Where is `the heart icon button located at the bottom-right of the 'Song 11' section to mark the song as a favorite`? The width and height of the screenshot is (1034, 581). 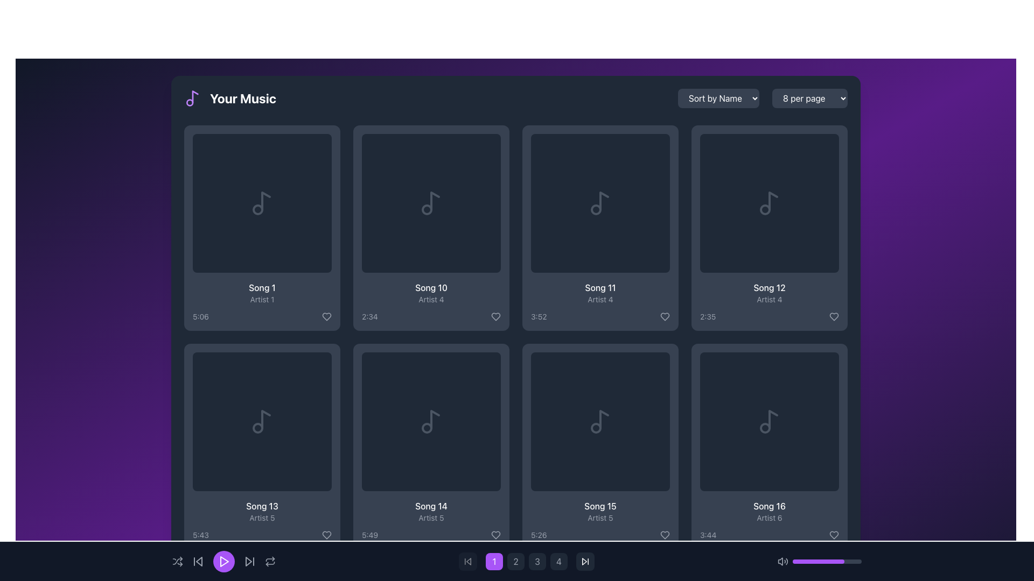
the heart icon button located at the bottom-right of the 'Song 11' section to mark the song as a favorite is located at coordinates (664, 316).